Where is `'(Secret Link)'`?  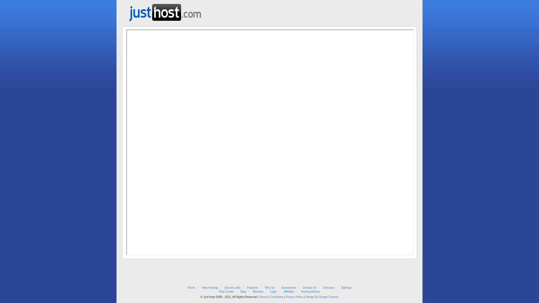 '(Secret Link)' is located at coordinates (232, 288).